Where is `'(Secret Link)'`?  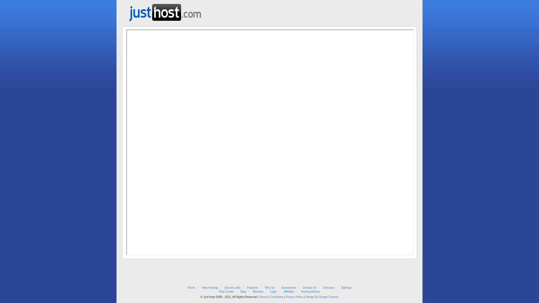 '(Secret Link)' is located at coordinates (232, 288).